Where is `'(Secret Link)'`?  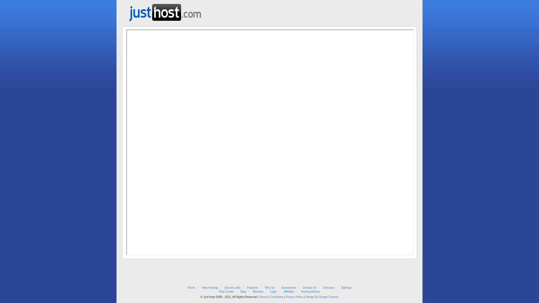 '(Secret Link)' is located at coordinates (232, 288).